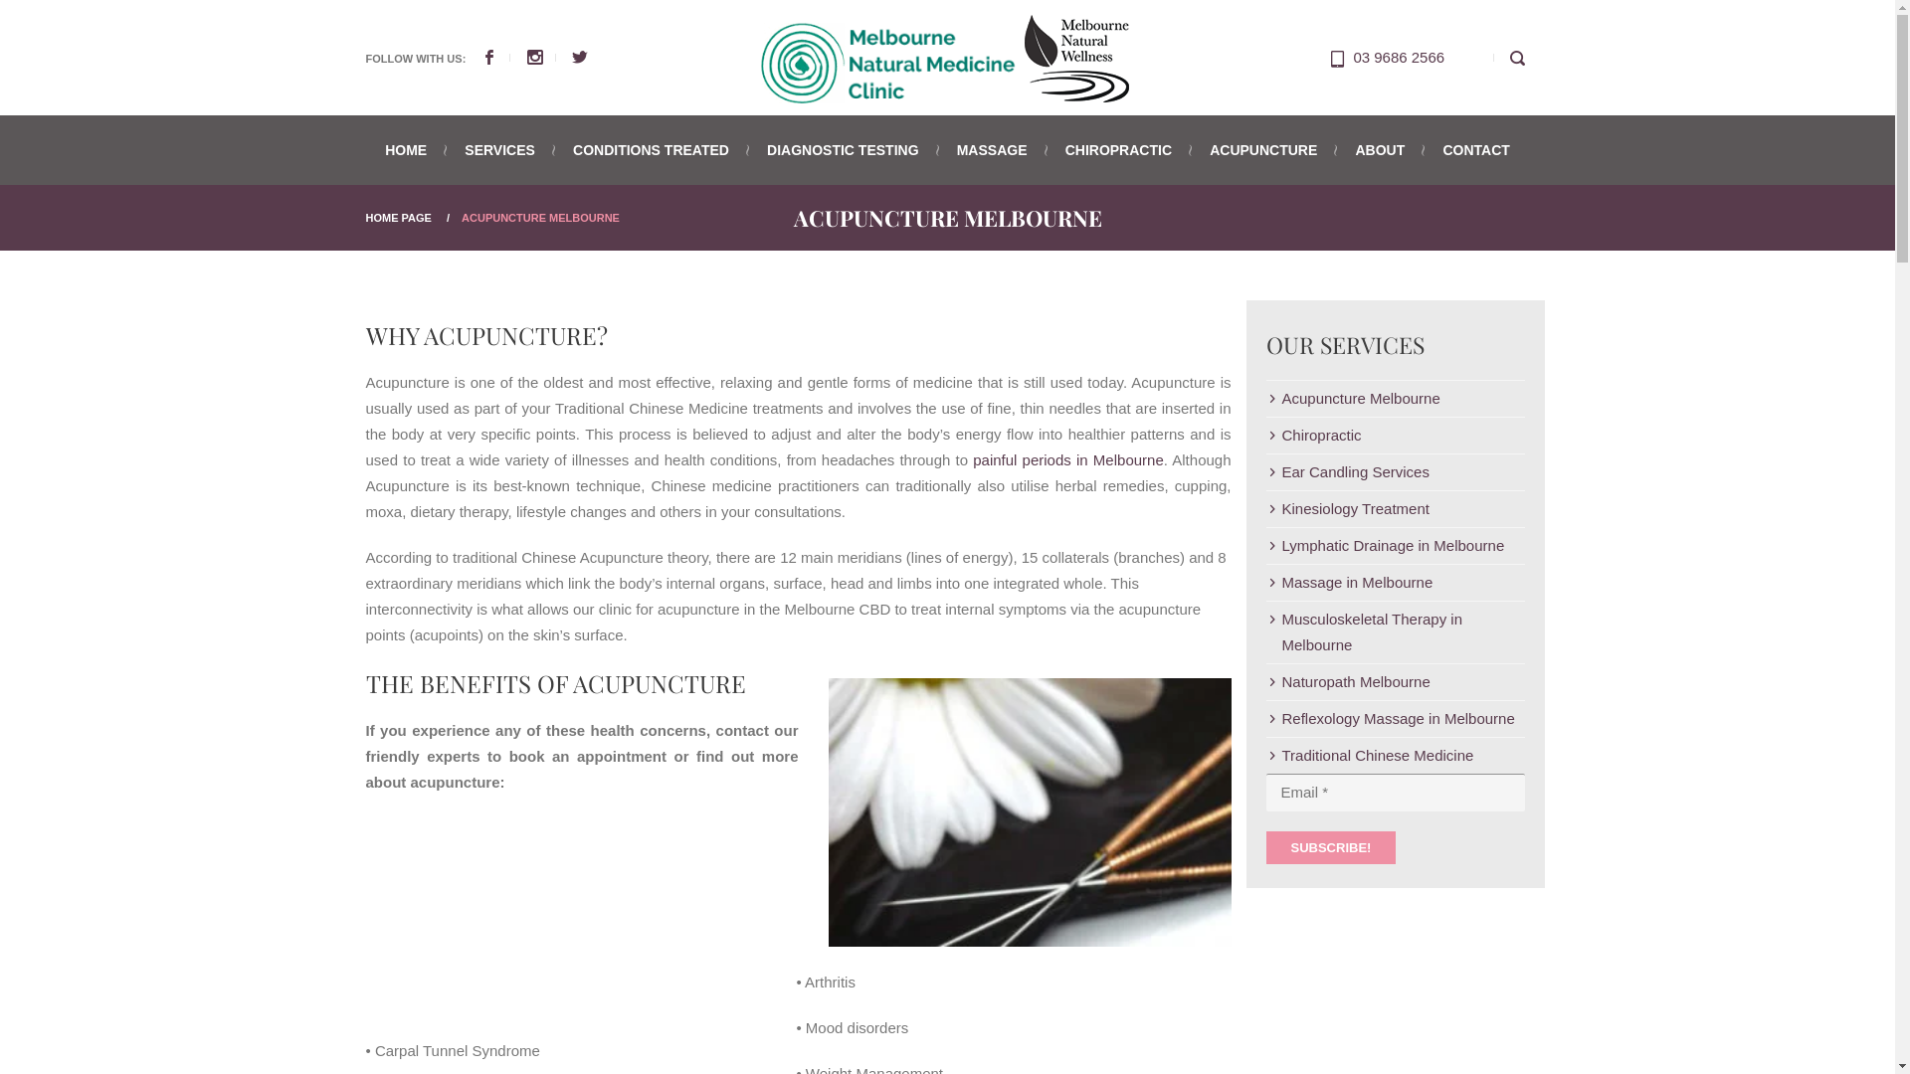 Image resolution: width=1910 pixels, height=1074 pixels. What do you see at coordinates (578, 57) in the screenshot?
I see `'Twitter'` at bounding box center [578, 57].